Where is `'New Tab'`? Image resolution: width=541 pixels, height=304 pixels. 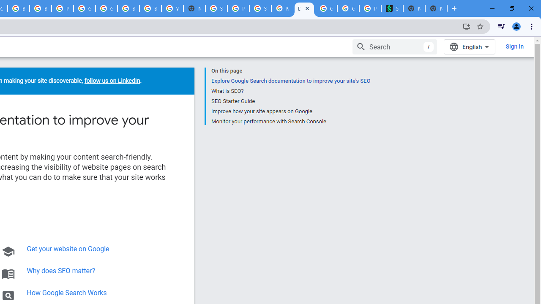 'New Tab' is located at coordinates (436, 8).